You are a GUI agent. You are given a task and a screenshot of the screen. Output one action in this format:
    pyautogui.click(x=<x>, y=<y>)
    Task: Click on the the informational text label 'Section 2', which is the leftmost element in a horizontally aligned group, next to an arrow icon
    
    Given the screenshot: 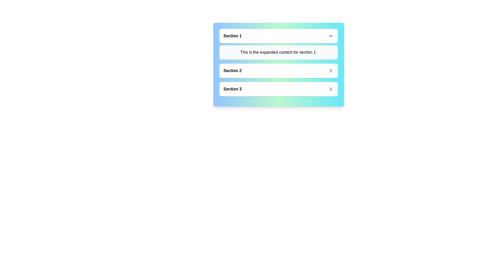 What is the action you would take?
    pyautogui.click(x=232, y=71)
    